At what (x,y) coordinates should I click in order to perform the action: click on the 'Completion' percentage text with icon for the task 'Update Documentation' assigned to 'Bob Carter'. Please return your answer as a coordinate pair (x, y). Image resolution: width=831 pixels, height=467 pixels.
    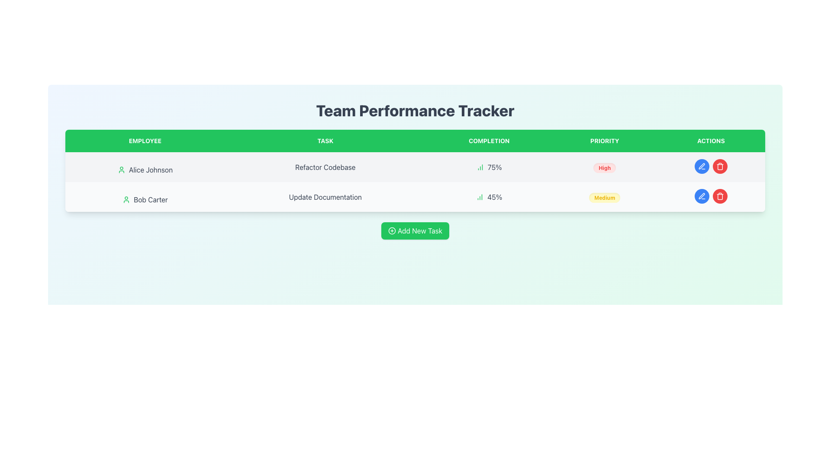
    Looking at the image, I should click on (489, 197).